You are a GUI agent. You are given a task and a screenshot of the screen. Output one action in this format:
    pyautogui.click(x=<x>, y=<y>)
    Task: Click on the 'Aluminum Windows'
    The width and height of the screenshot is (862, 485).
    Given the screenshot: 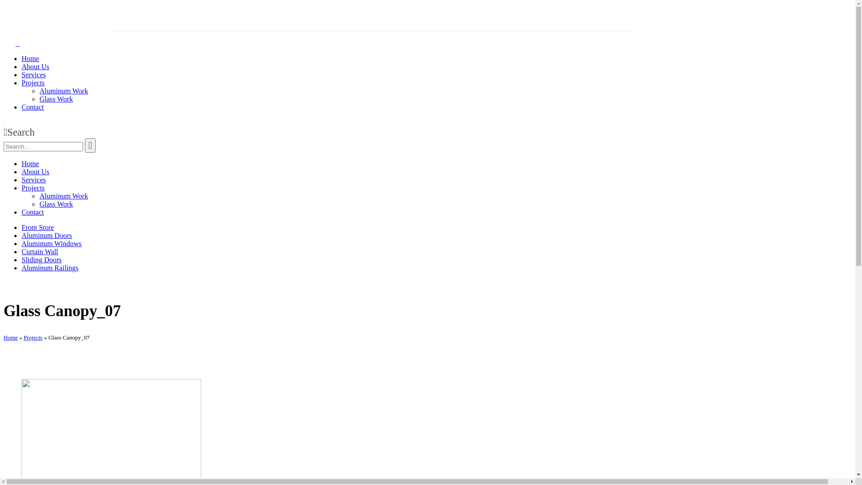 What is the action you would take?
    pyautogui.click(x=22, y=243)
    